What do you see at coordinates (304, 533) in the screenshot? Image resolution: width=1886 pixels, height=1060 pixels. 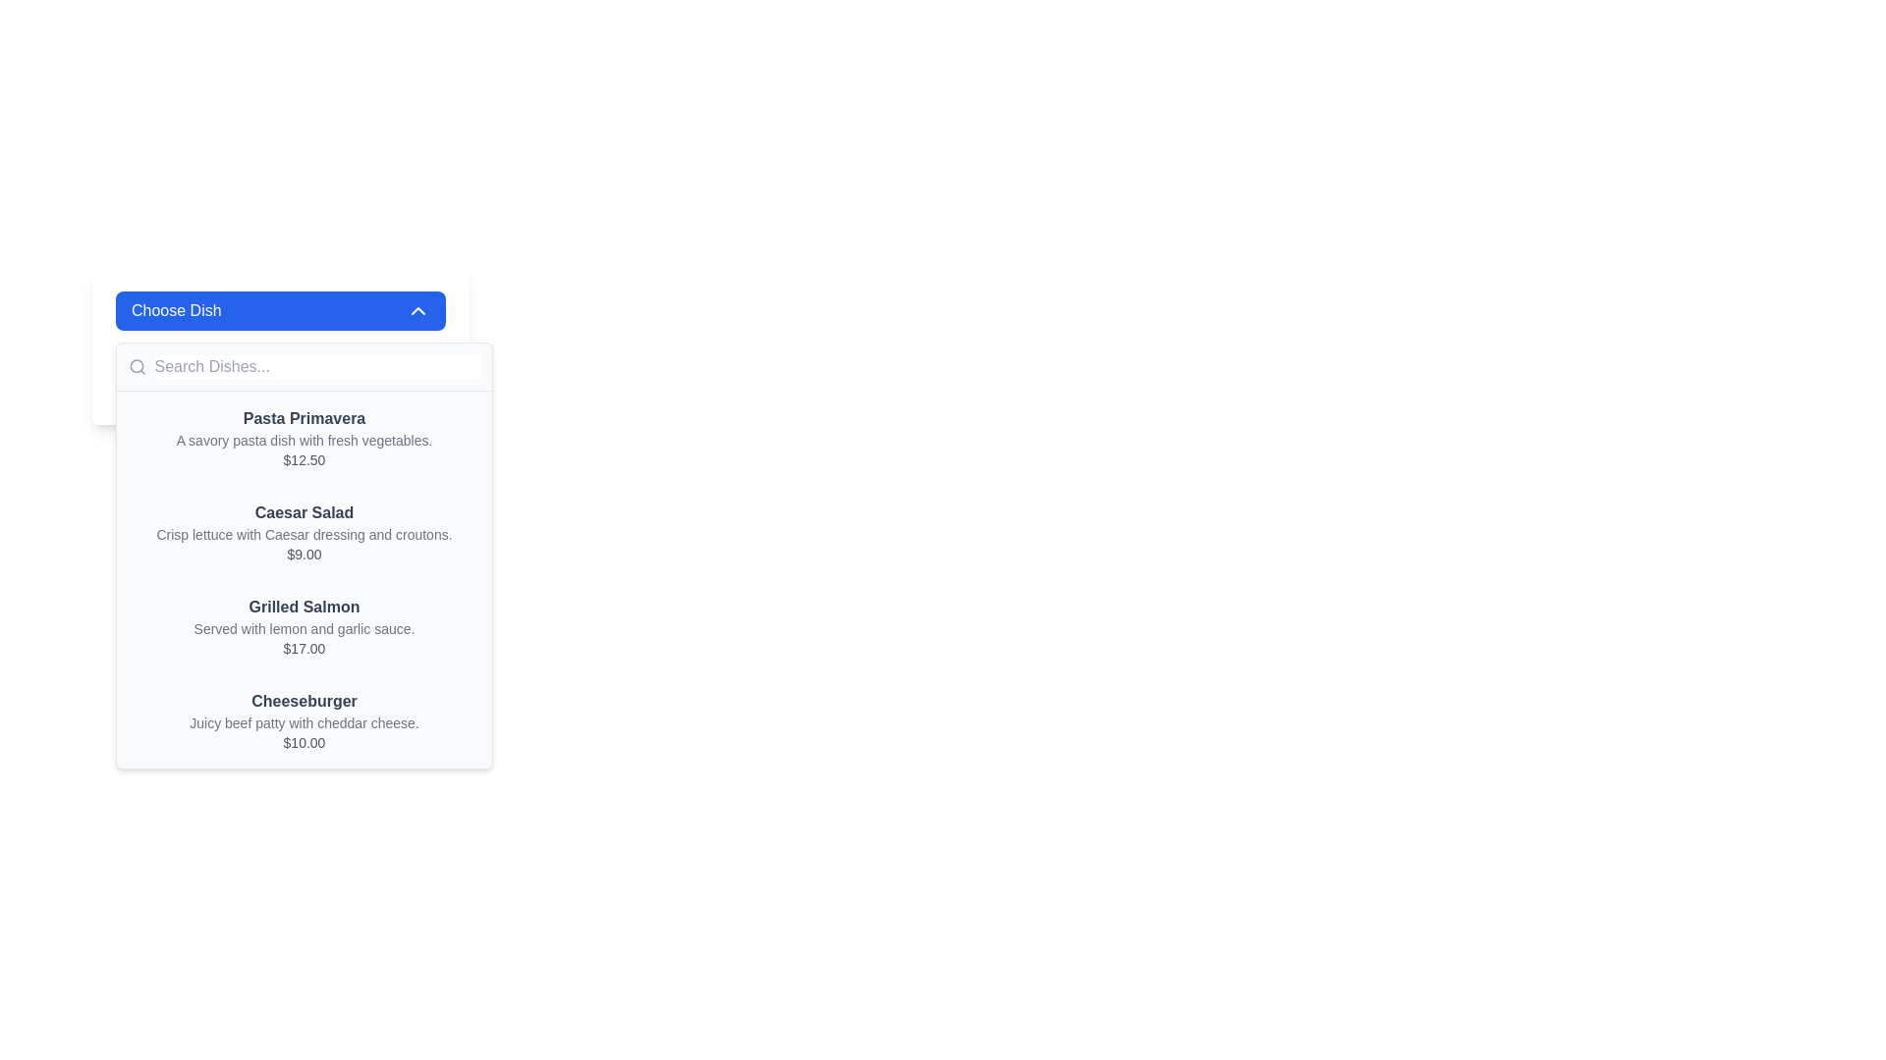 I see `the menu option 'Caesar Salad' which displays the name in bold dark gray text, followed by a description and the price` at bounding box center [304, 533].